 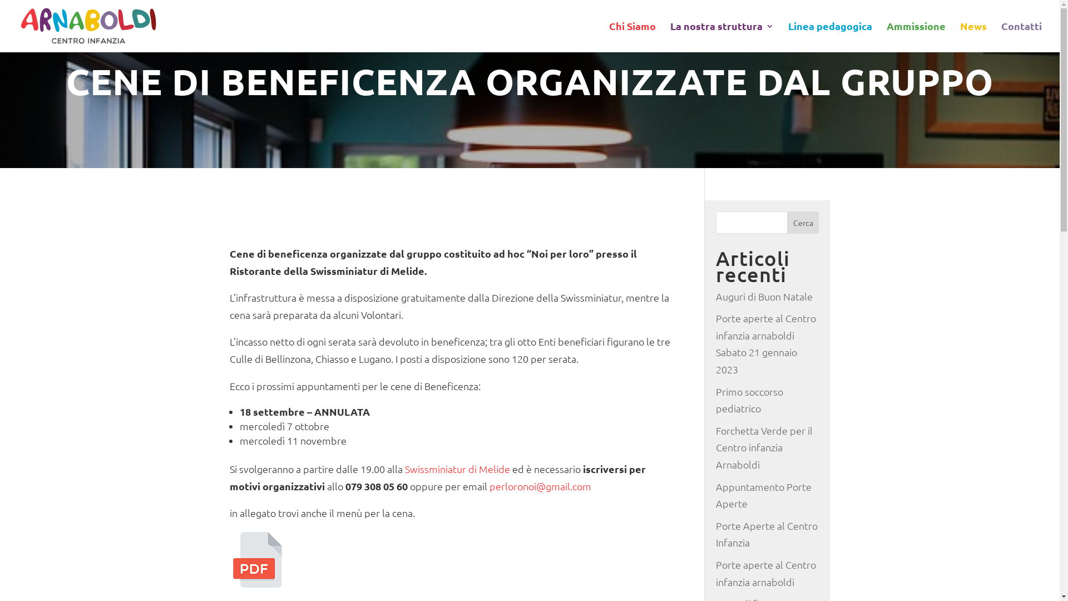 I want to click on 'Cerca', so click(x=803, y=223).